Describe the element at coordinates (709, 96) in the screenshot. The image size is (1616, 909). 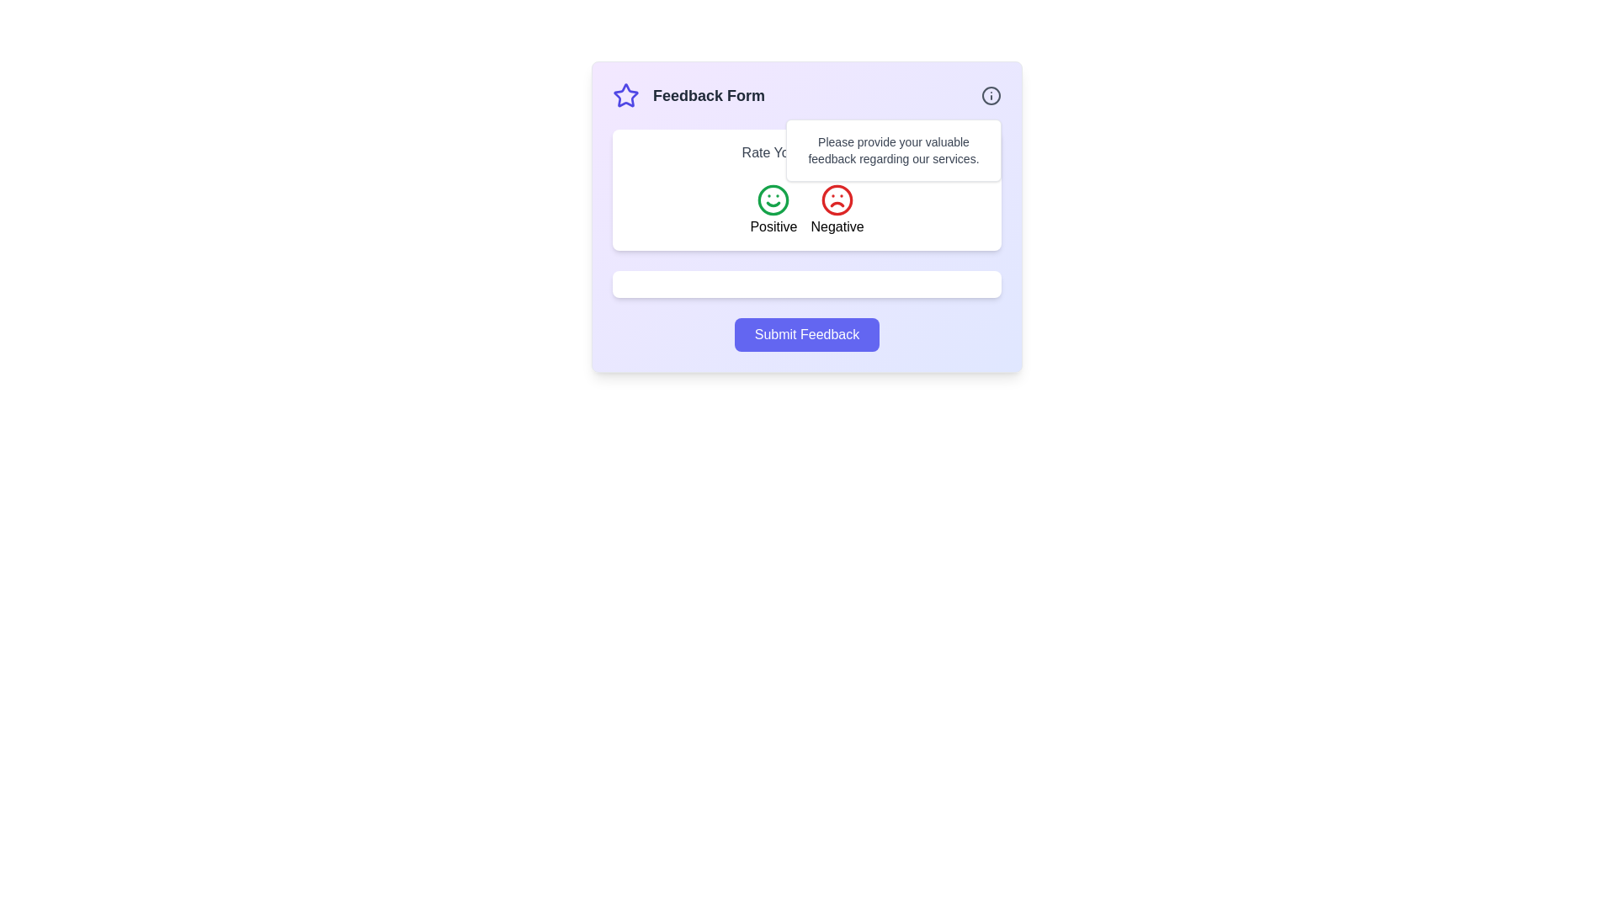
I see `the 'Feedback Form' text label, which is styled in bold, large-sized dark gray font and serves as a section title, positioned at the top center of the card interface` at that location.